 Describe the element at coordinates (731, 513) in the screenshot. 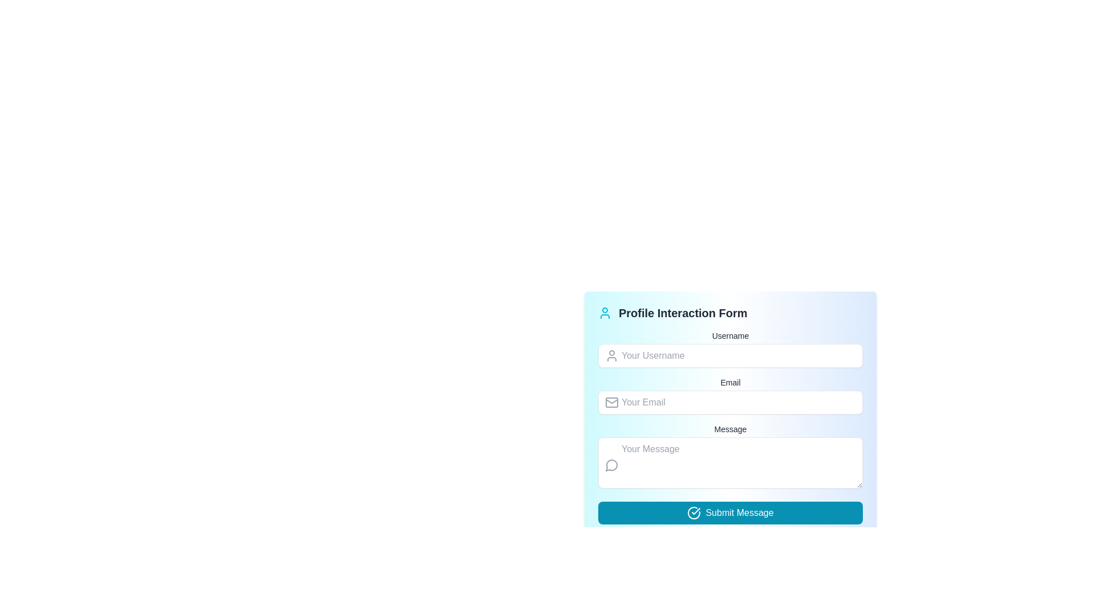

I see `the submit button located at the bottom of the form` at that location.